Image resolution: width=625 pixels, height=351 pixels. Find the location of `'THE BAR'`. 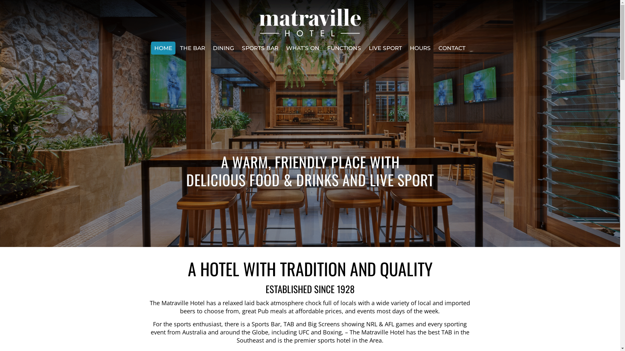

'THE BAR' is located at coordinates (176, 47).